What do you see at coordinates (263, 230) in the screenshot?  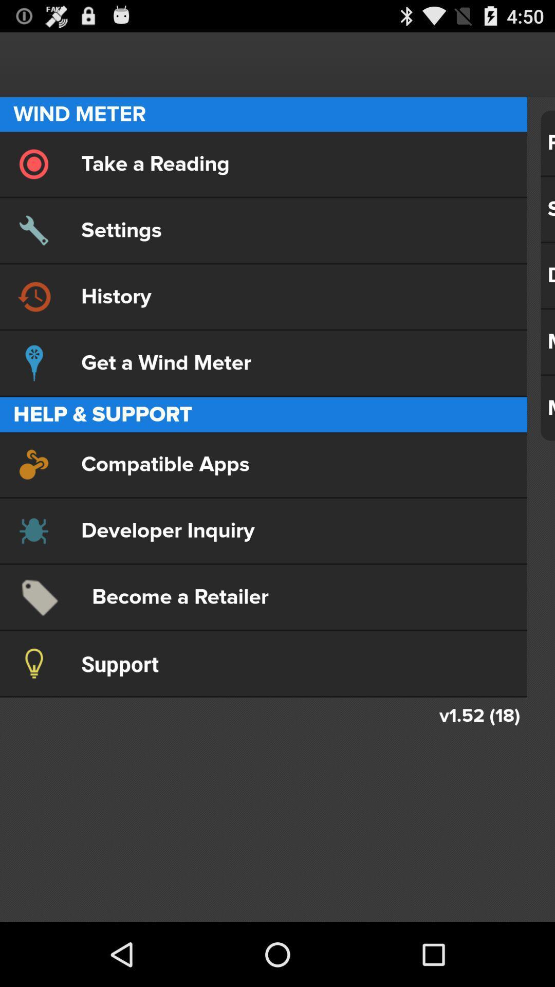 I see `settings item` at bounding box center [263, 230].